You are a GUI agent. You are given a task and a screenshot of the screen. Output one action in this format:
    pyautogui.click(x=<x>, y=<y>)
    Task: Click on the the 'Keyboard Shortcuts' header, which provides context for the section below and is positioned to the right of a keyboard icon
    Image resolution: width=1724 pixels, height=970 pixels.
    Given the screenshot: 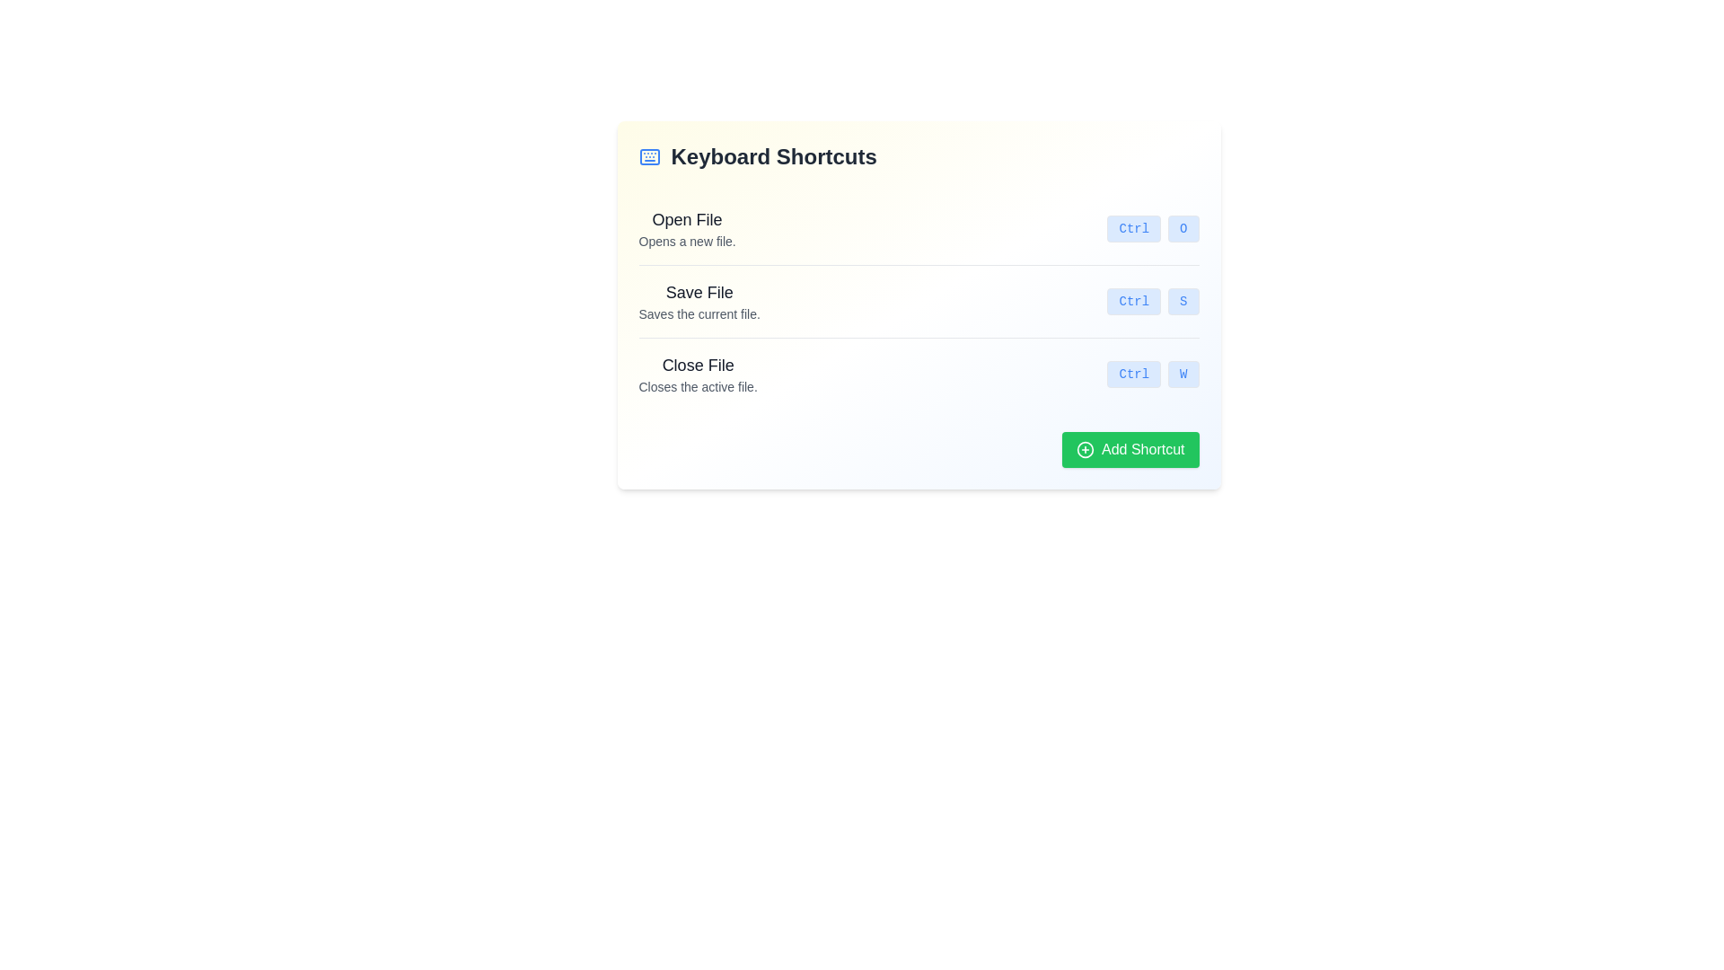 What is the action you would take?
    pyautogui.click(x=774, y=155)
    